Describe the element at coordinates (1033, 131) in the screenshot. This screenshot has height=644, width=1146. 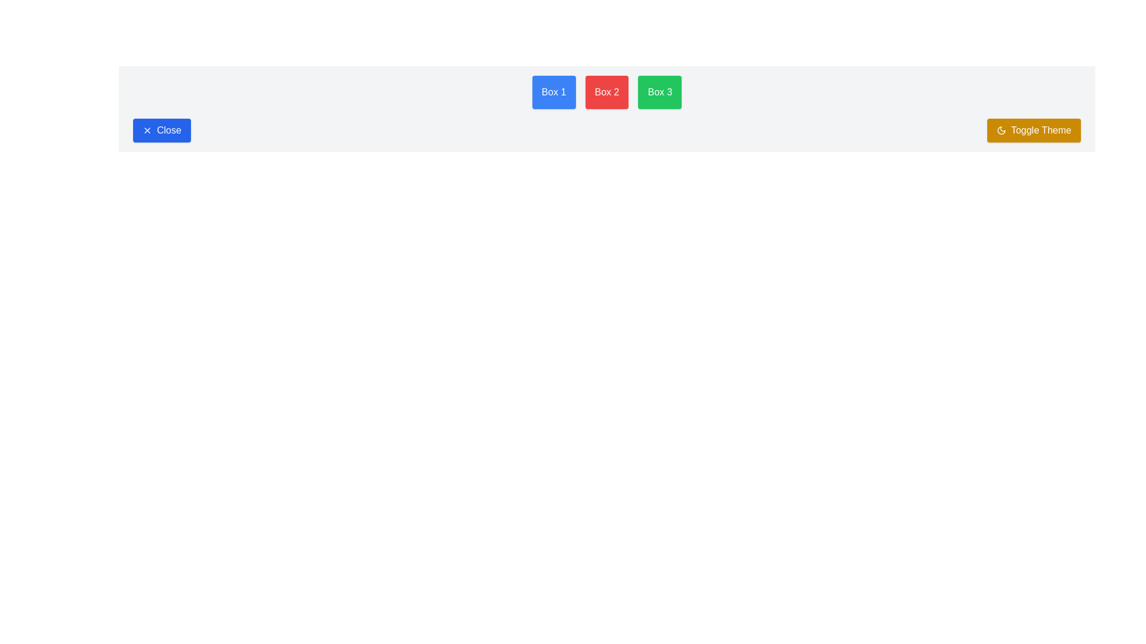
I see `the 'Toggle Theme' button with a yellow background and moon icon, located at the far-right end of the header` at that location.